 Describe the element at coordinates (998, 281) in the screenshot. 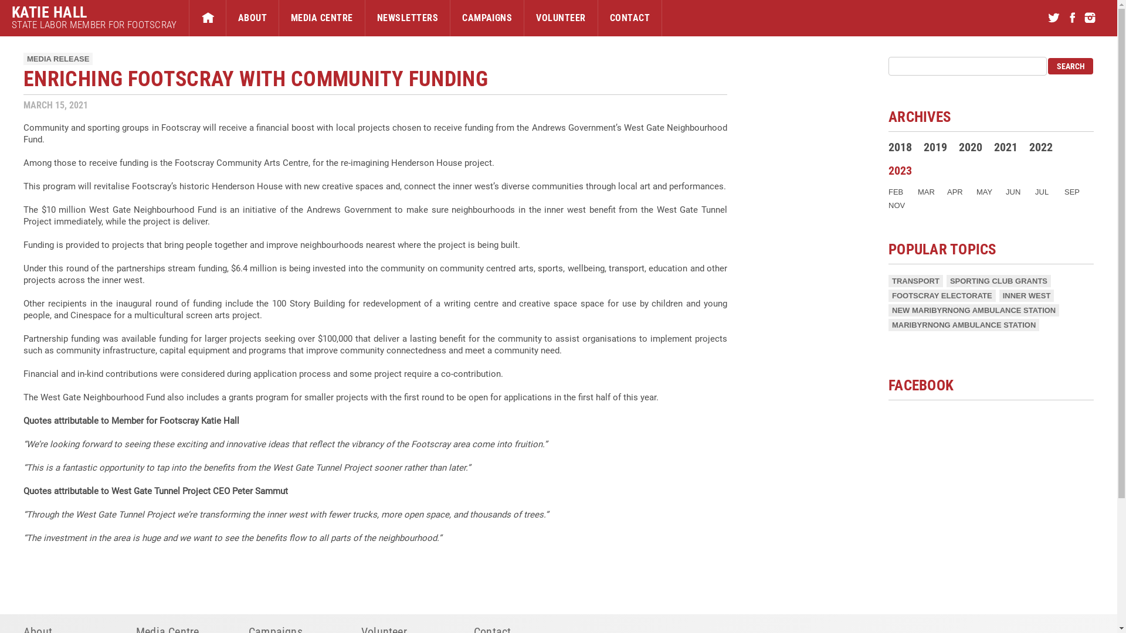

I see `'SPORTING CLUB GRANTS'` at that location.